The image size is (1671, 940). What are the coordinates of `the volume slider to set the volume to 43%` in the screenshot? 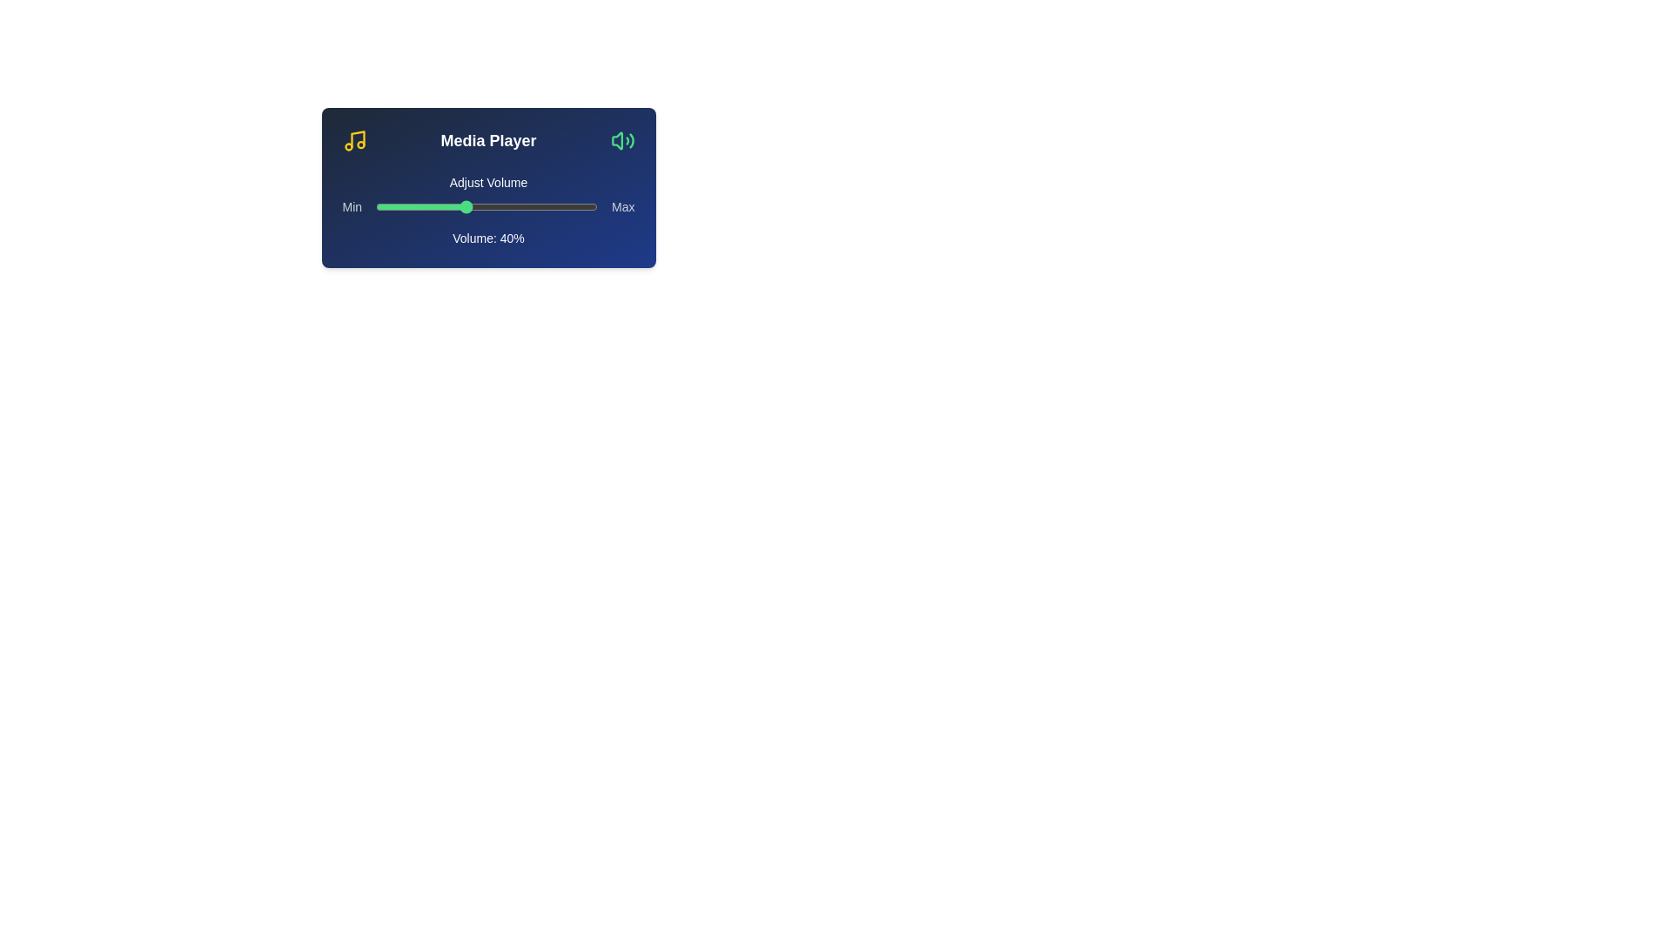 It's located at (471, 206).